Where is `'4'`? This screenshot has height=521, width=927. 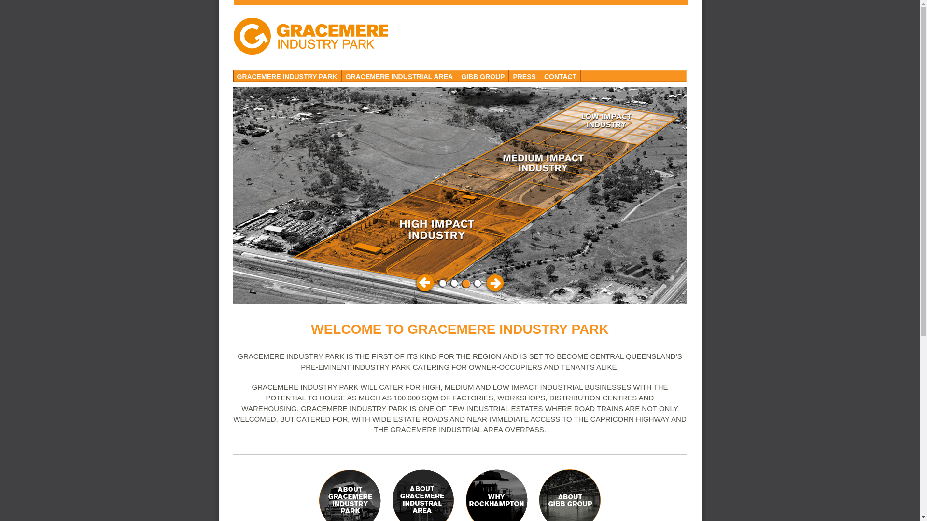
'4' is located at coordinates (477, 283).